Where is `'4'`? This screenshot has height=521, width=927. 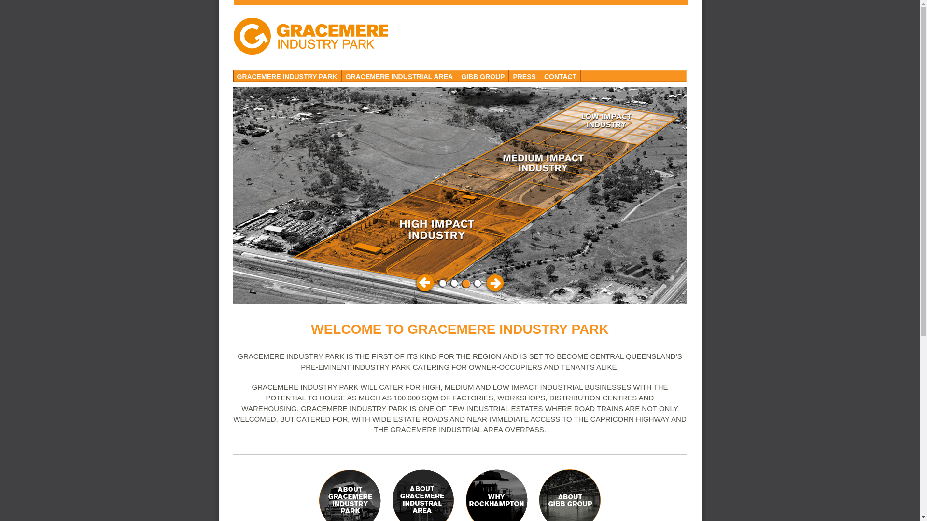
'4' is located at coordinates (477, 283).